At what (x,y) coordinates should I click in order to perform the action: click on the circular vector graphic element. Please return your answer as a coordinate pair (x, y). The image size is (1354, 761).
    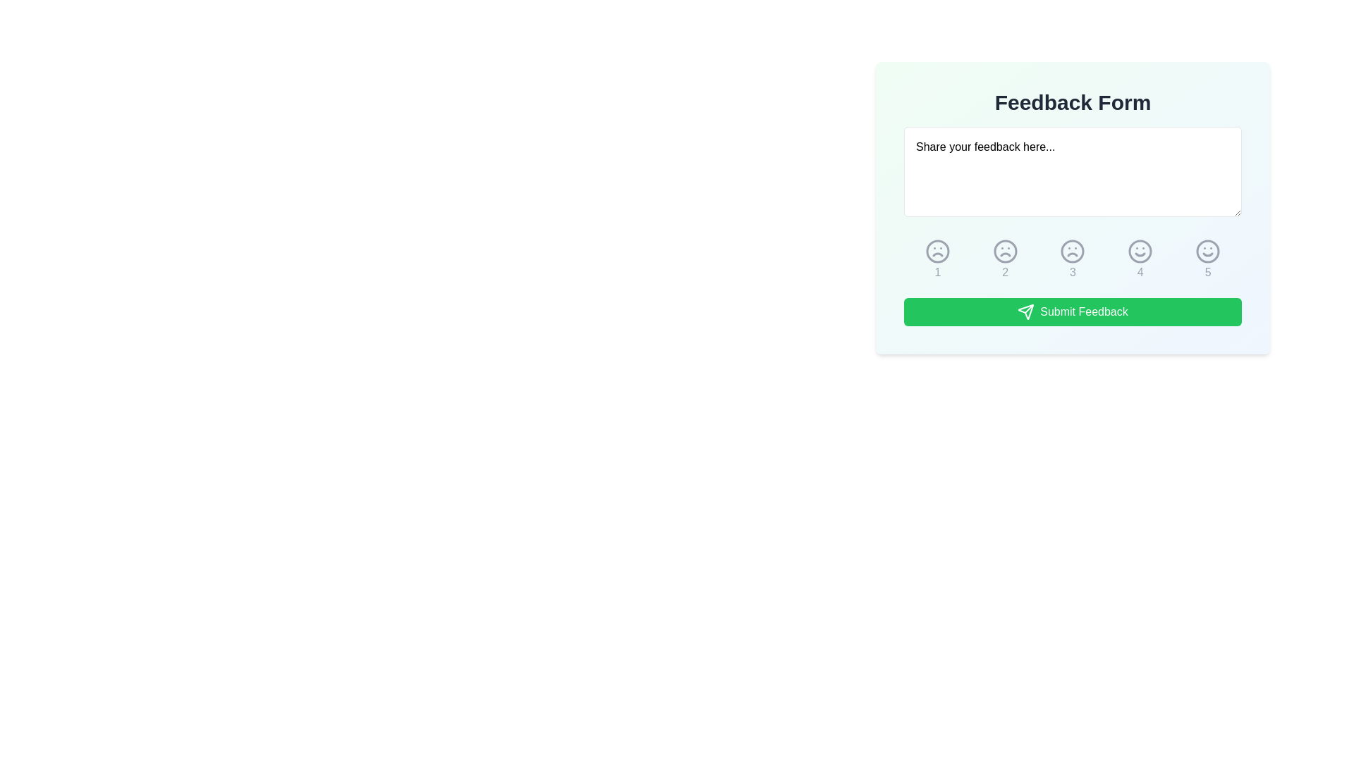
    Looking at the image, I should click on (1140, 251).